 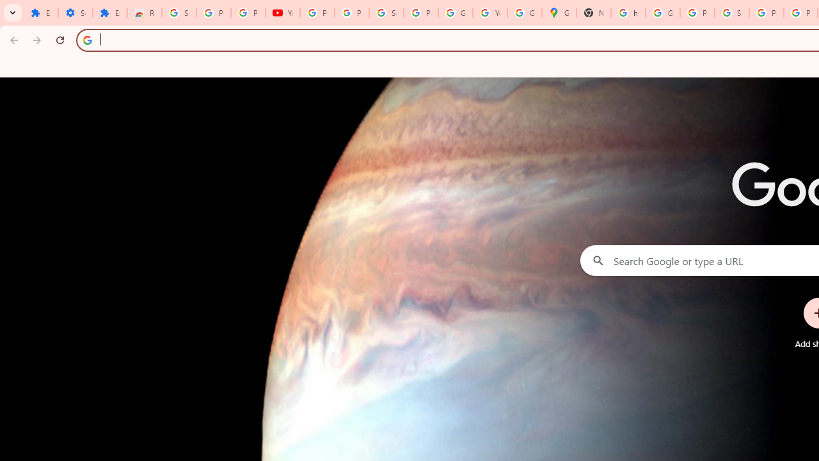 What do you see at coordinates (74, 13) in the screenshot?
I see `'Settings'` at bounding box center [74, 13].